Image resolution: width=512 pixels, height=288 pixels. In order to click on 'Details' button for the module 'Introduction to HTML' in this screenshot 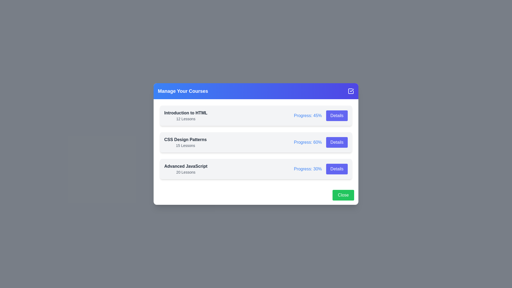, I will do `click(337, 115)`.